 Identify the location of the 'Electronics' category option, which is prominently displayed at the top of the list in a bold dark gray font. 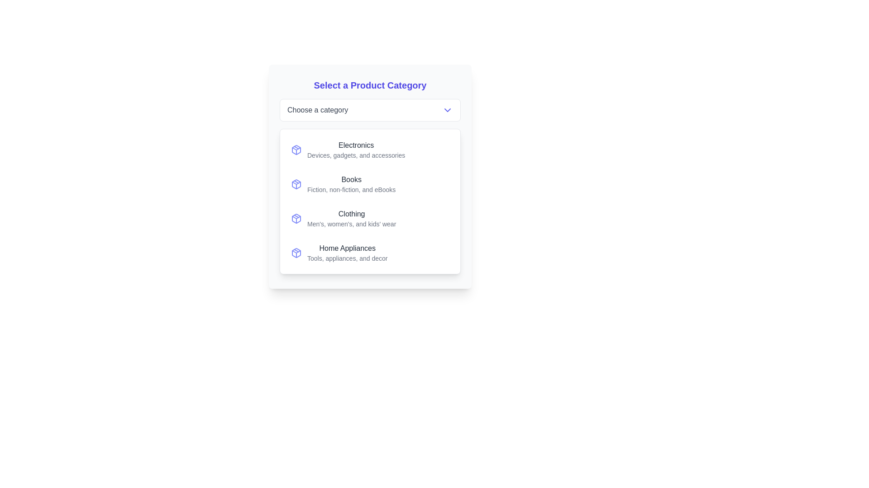
(356, 145).